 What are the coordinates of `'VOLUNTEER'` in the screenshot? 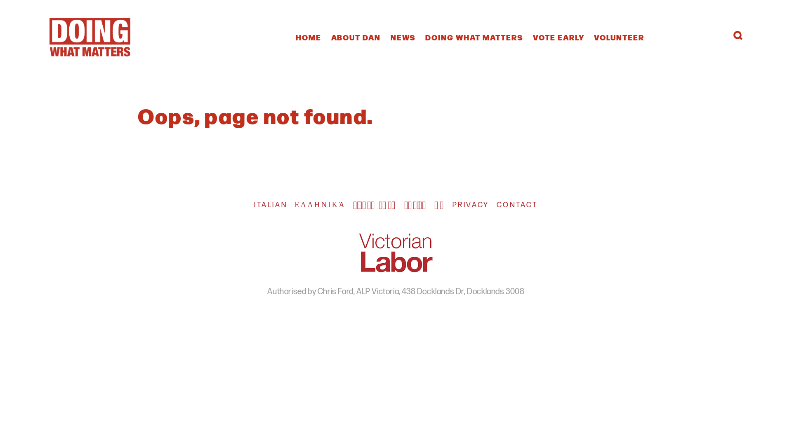 It's located at (619, 36).